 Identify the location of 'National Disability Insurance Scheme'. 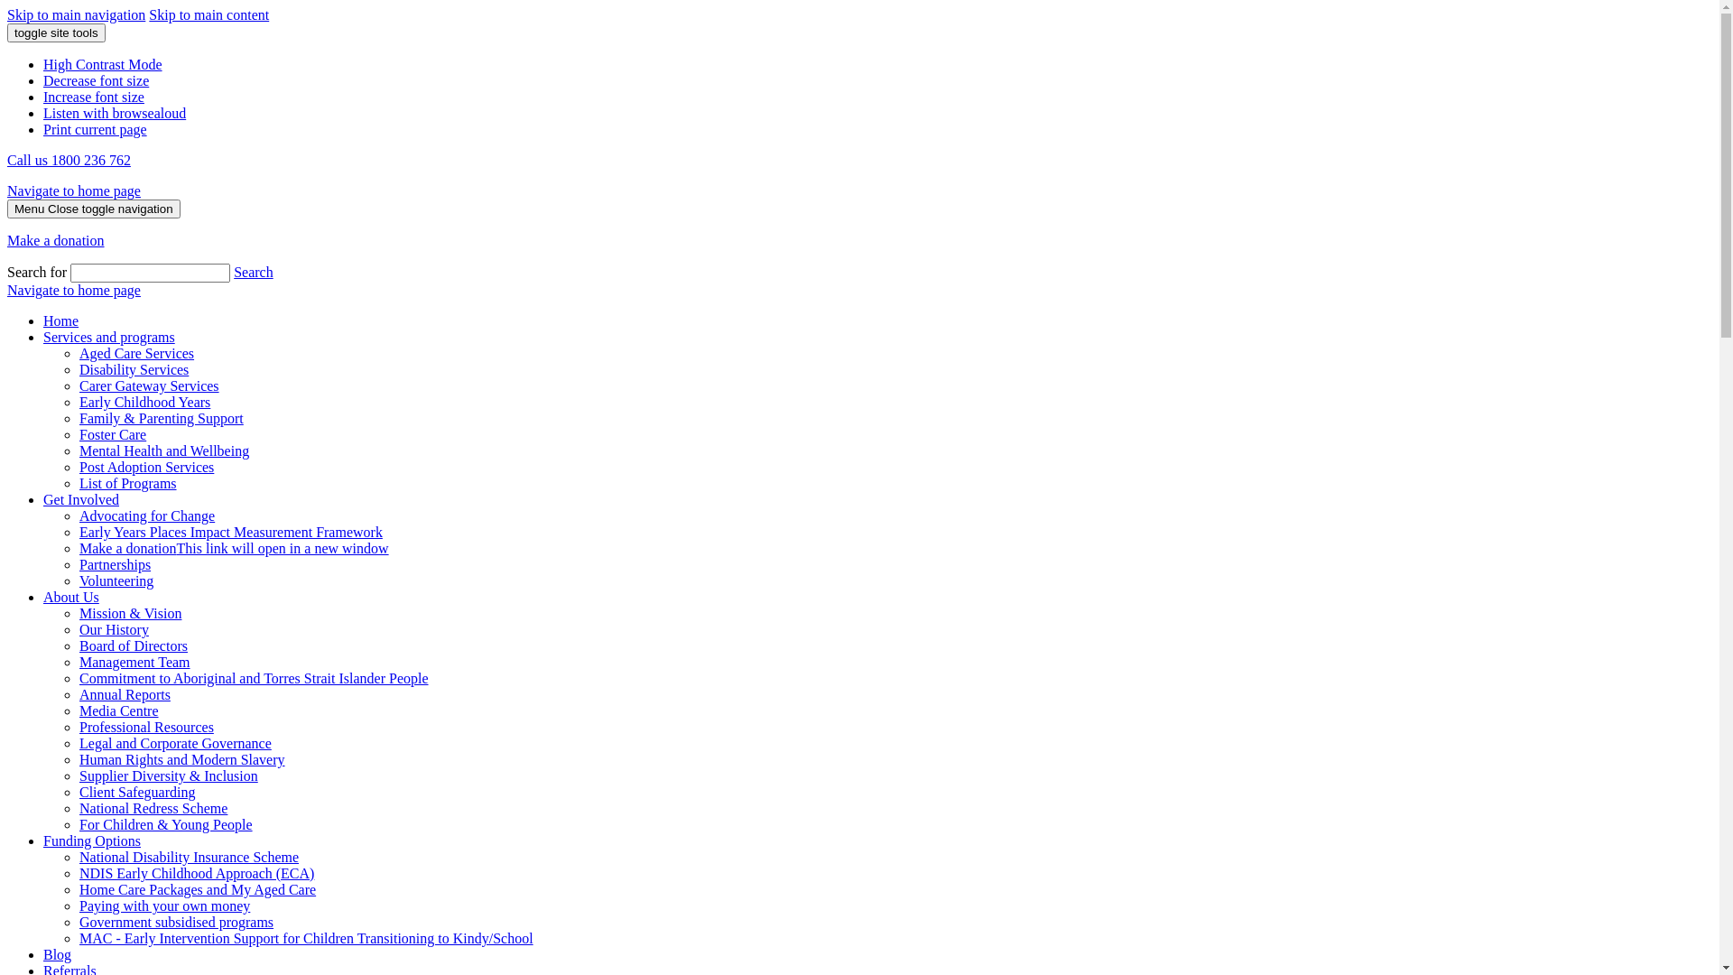
(189, 856).